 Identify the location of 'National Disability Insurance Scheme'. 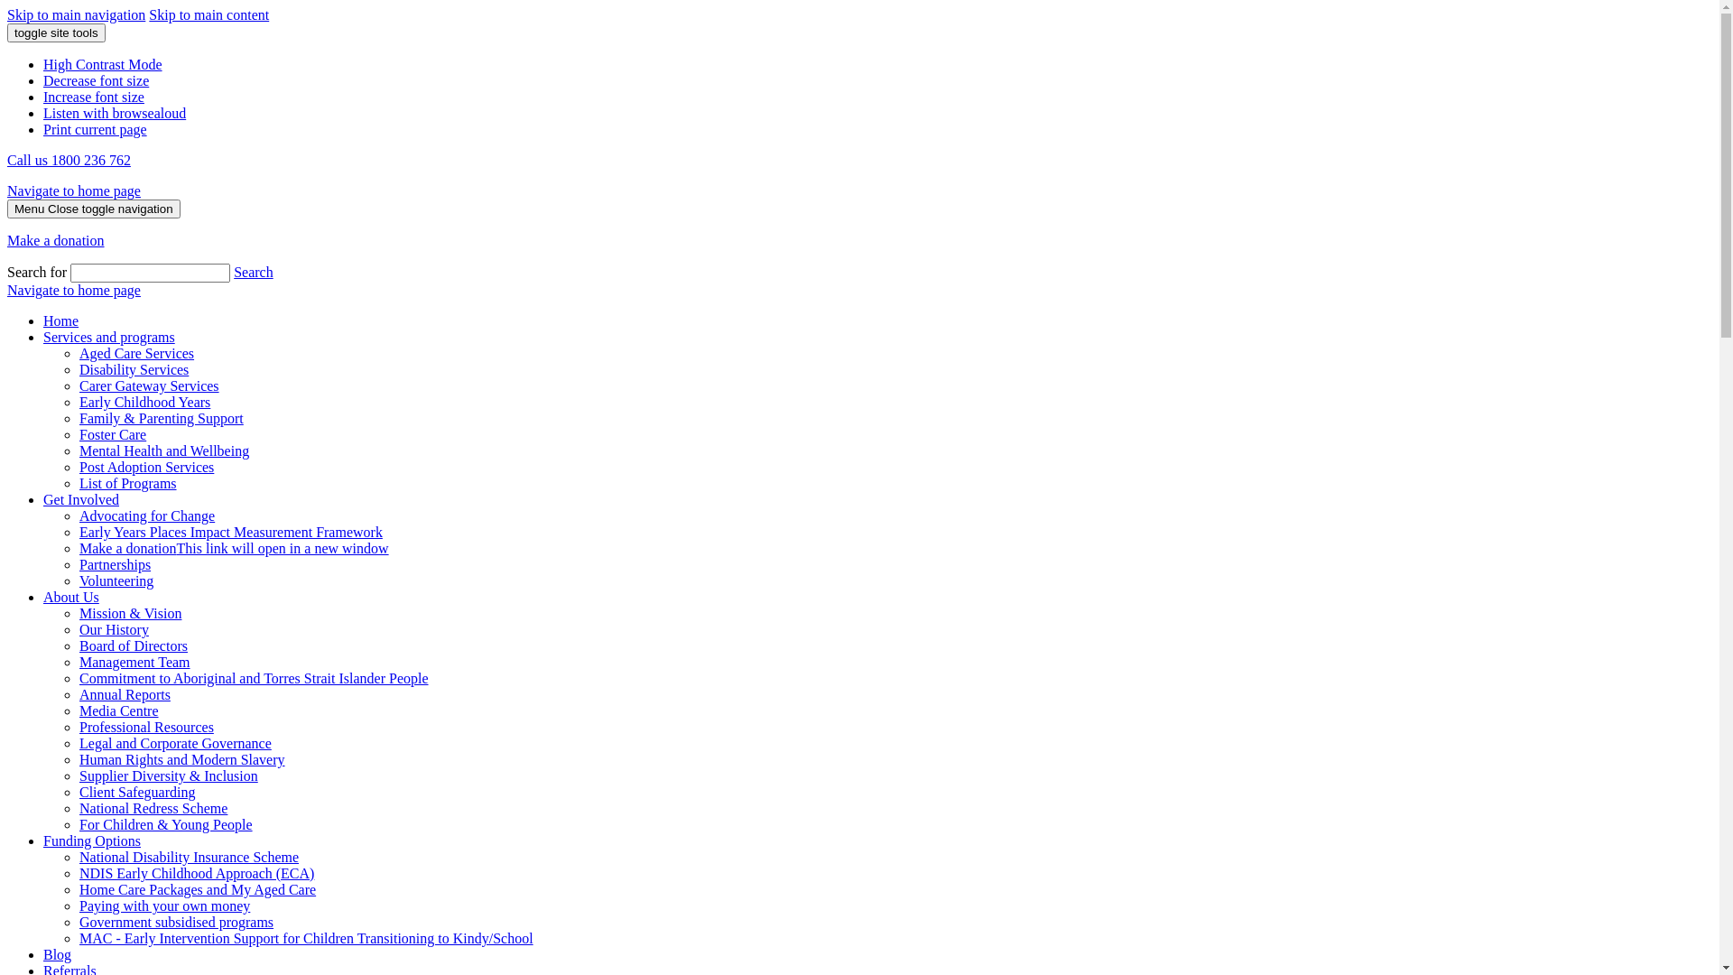
(189, 856).